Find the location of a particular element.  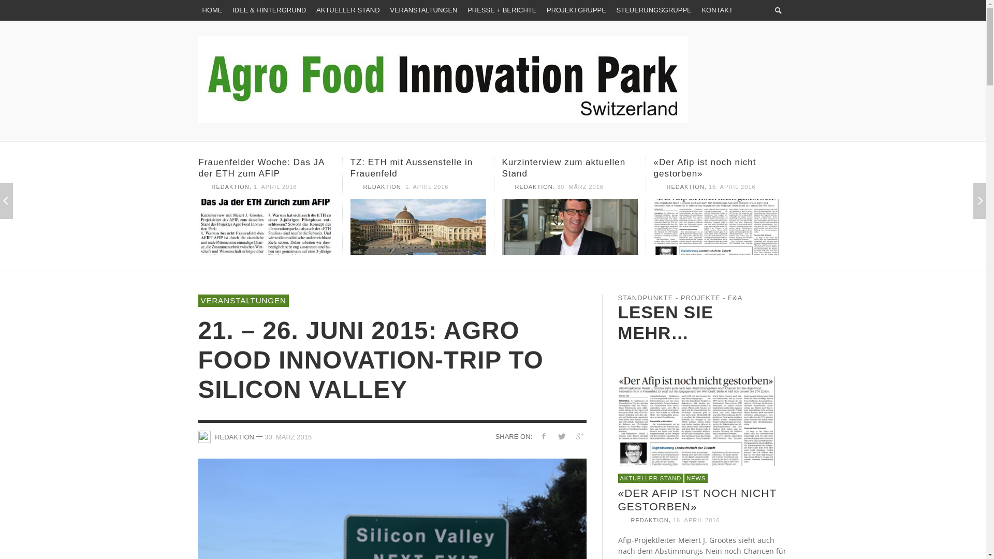

'Share on Google+' is located at coordinates (579, 436).